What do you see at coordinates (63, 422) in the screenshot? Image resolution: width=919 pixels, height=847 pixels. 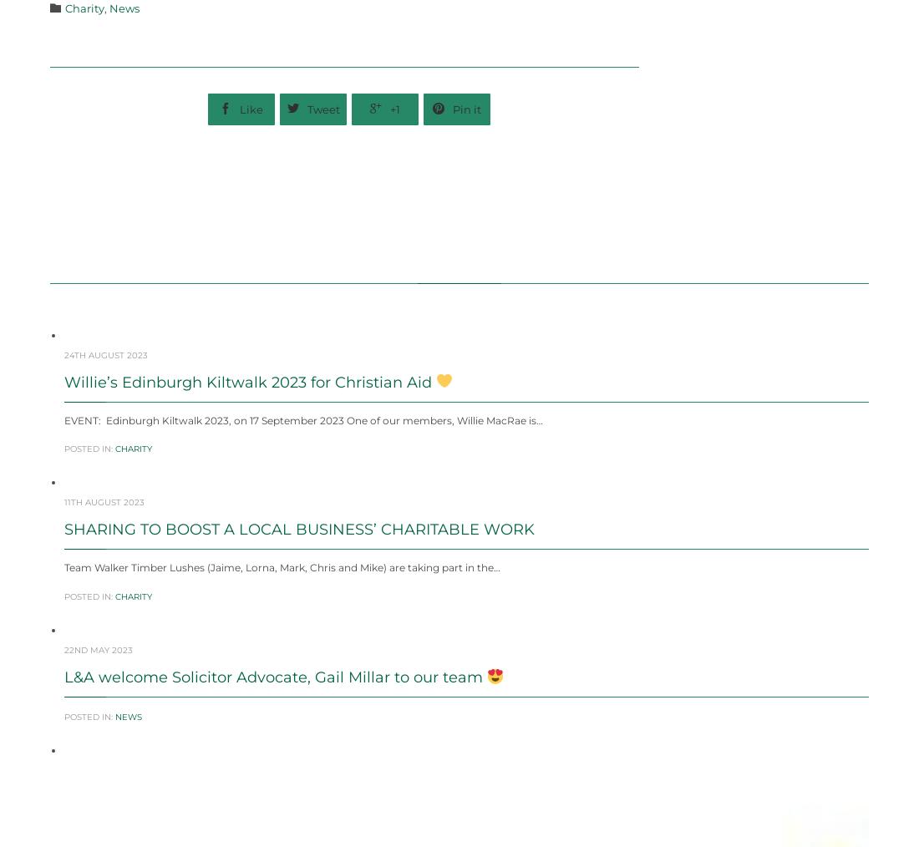 I see `'Willie’s Edinburgh Kiltwalk 2023 for Christian Aid'` at bounding box center [63, 422].